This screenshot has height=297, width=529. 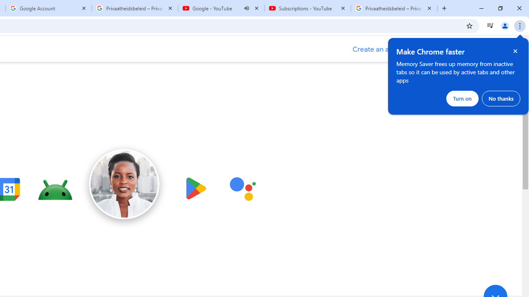 What do you see at coordinates (381, 49) in the screenshot?
I see `'Create a Google Account'` at bounding box center [381, 49].